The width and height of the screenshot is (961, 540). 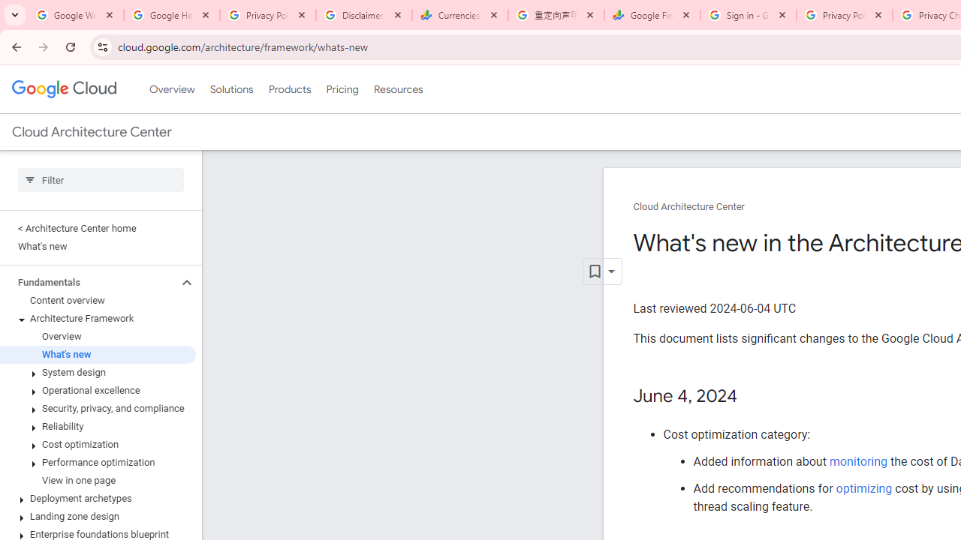 What do you see at coordinates (97, 318) in the screenshot?
I see `'Architecture Framework'` at bounding box center [97, 318].